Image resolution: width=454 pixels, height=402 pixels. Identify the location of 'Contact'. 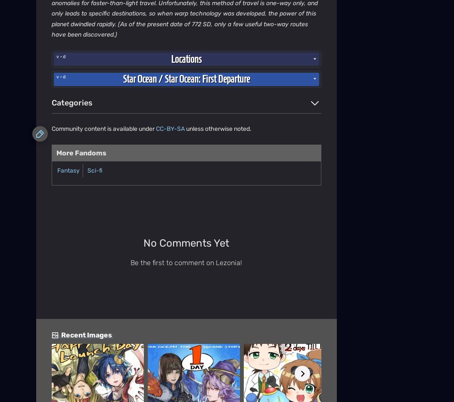
(47, 134).